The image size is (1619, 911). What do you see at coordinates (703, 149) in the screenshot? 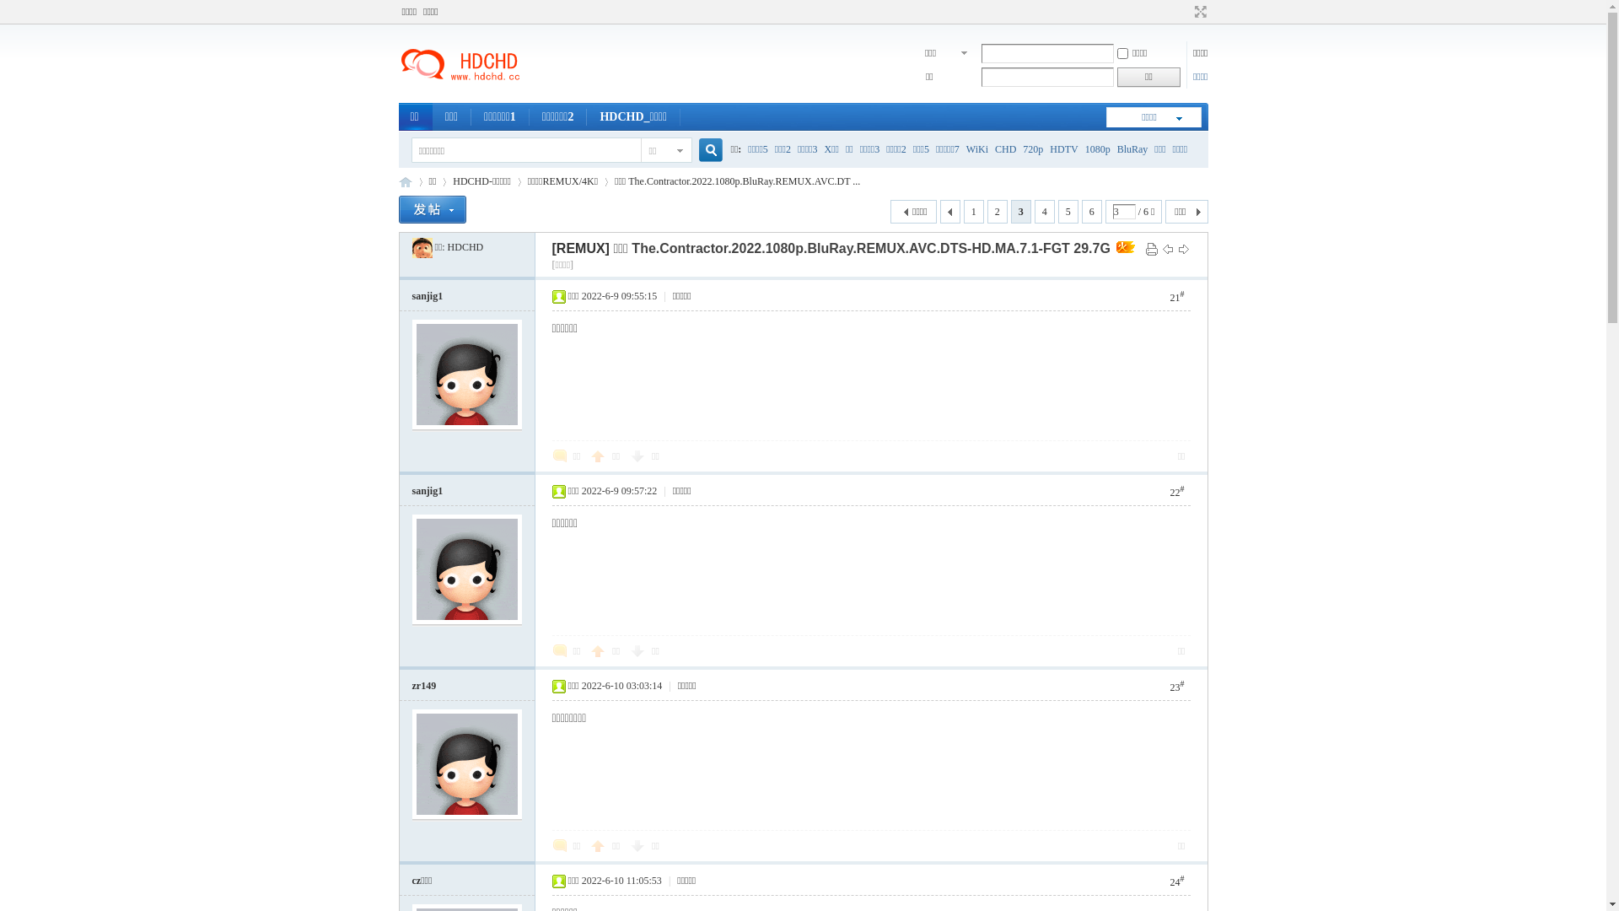
I see `'true'` at bounding box center [703, 149].